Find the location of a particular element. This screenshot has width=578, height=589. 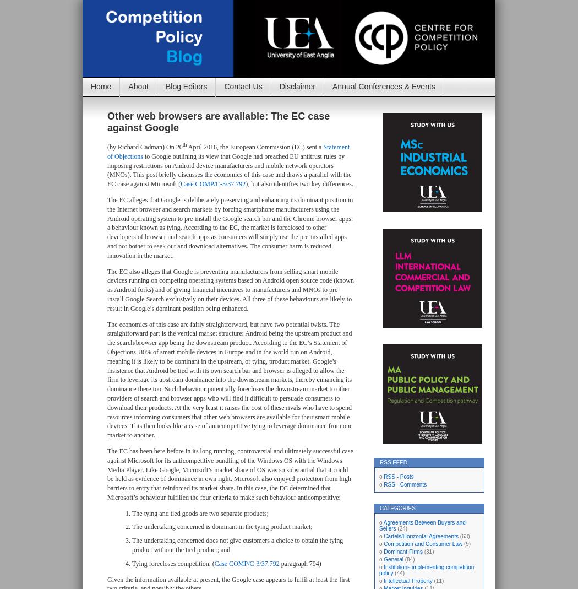

'(9)' is located at coordinates (466, 544).